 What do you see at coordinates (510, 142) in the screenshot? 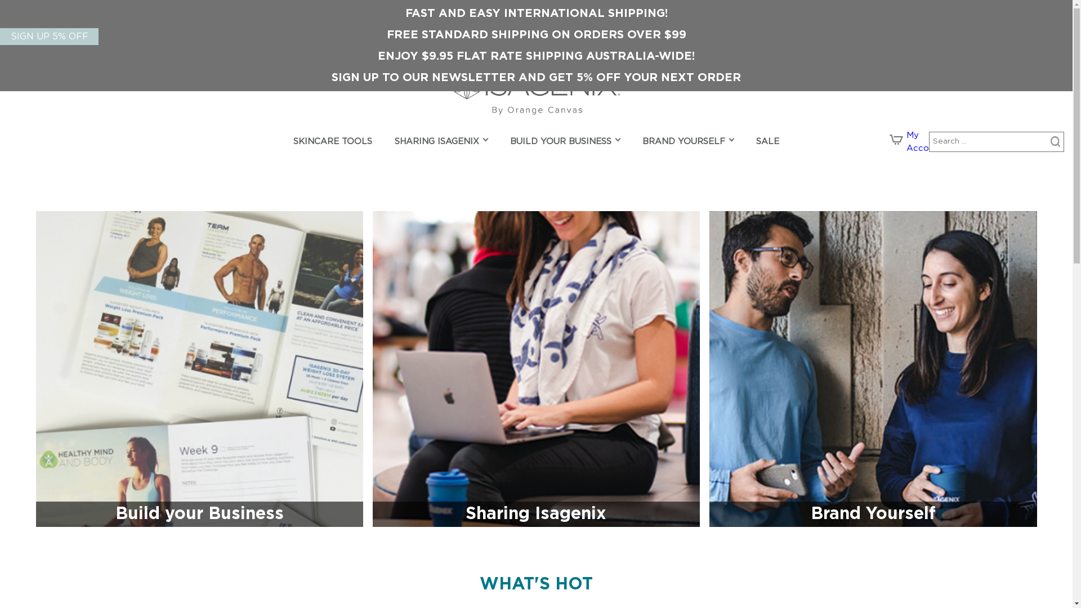
I see `'BUILD YOUR BUSINESS'` at bounding box center [510, 142].